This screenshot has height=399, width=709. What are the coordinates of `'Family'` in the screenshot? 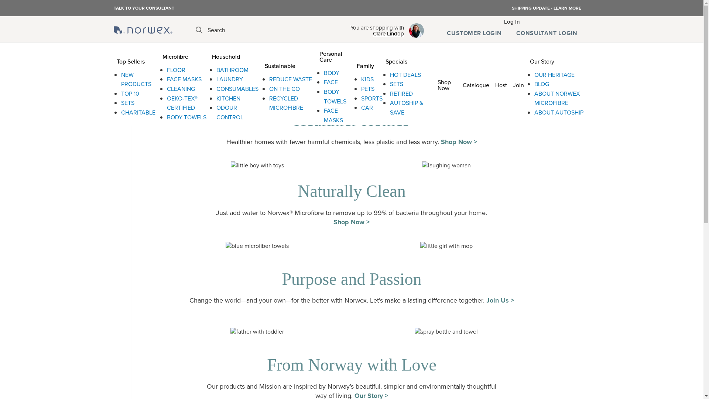 It's located at (368, 64).